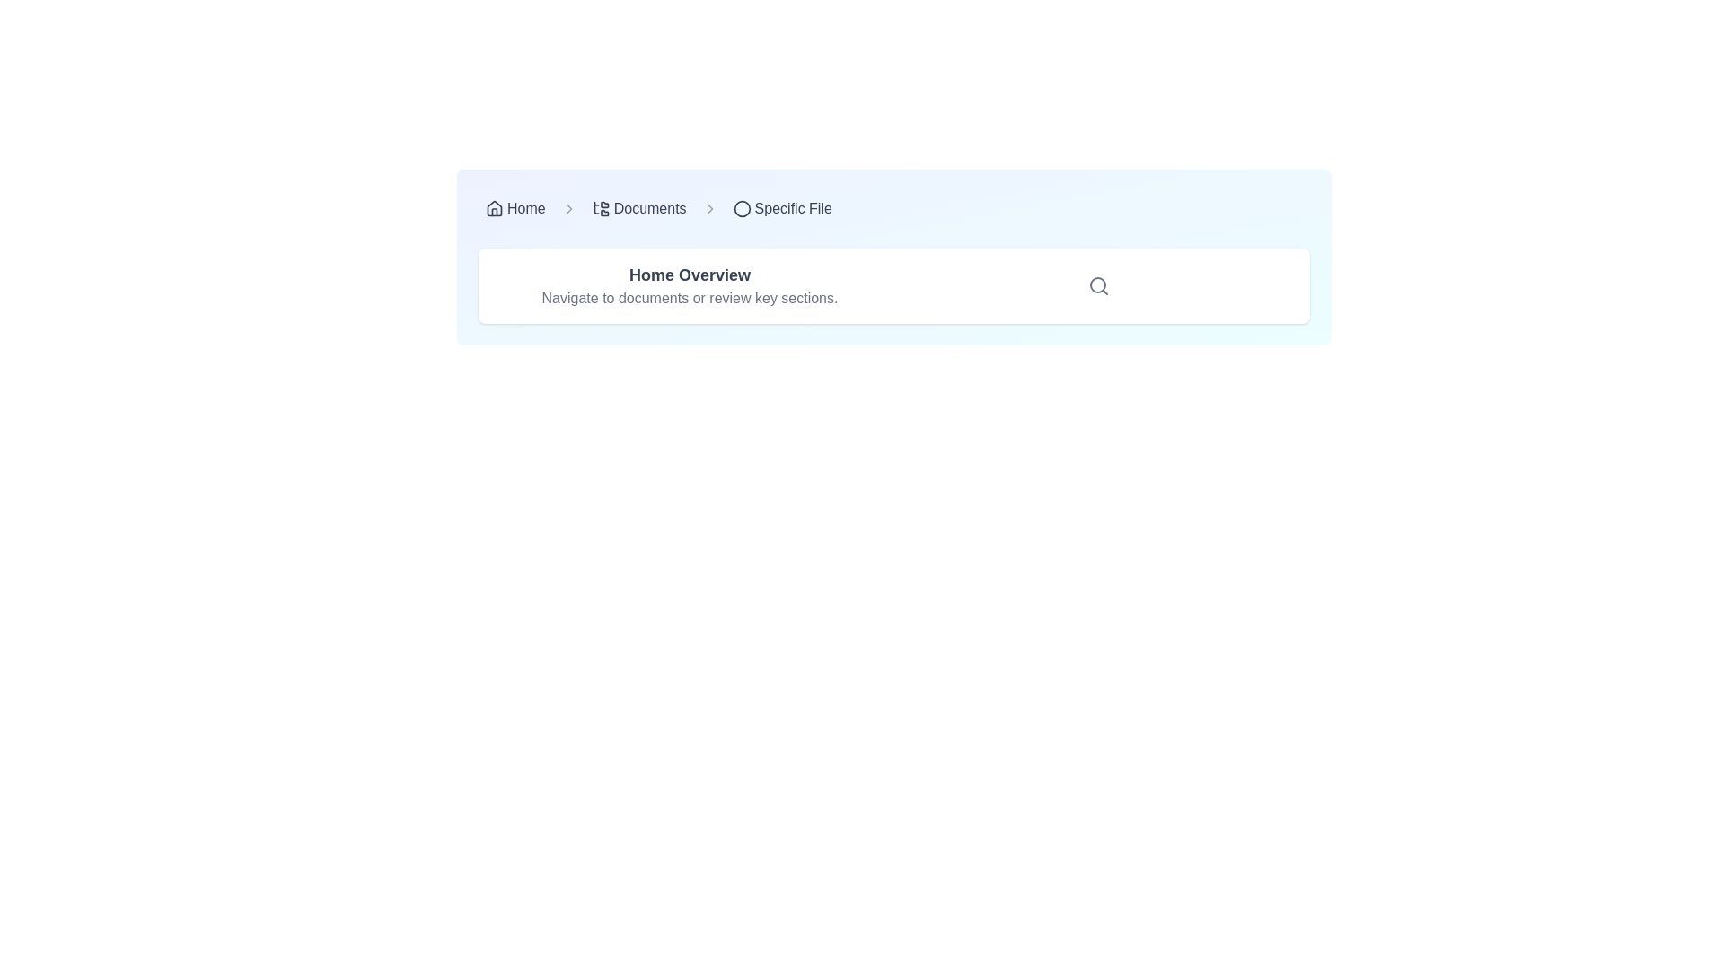 This screenshot has height=969, width=1724. Describe the element at coordinates (1097, 285) in the screenshot. I see `the search icon styled with a magnifying glass symbol located in the top-right corner of the 'Home Overview' section card` at that location.